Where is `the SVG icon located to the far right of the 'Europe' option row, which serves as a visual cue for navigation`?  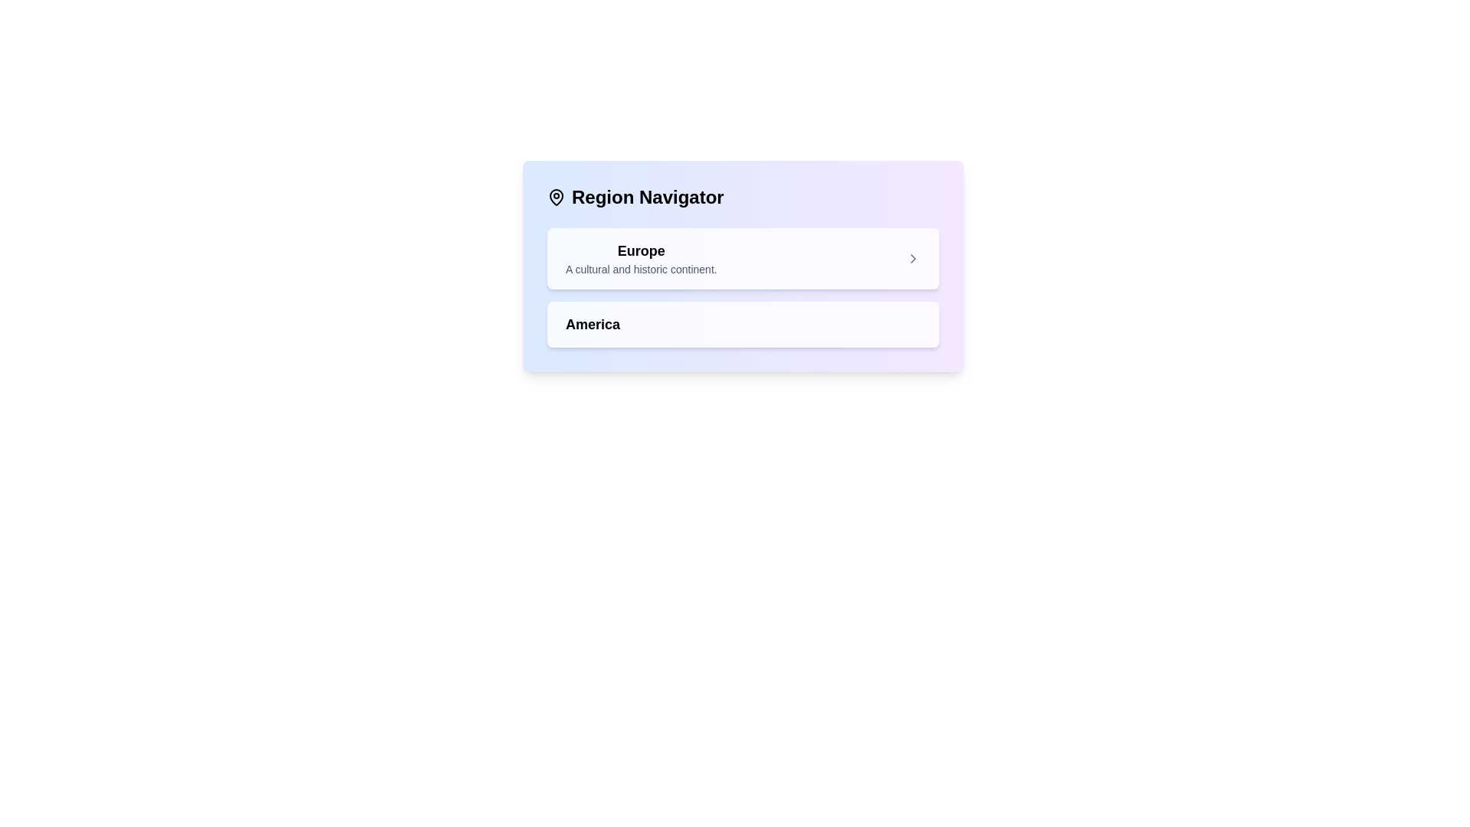
the SVG icon located to the far right of the 'Europe' option row, which serves as a visual cue for navigation is located at coordinates (913, 258).